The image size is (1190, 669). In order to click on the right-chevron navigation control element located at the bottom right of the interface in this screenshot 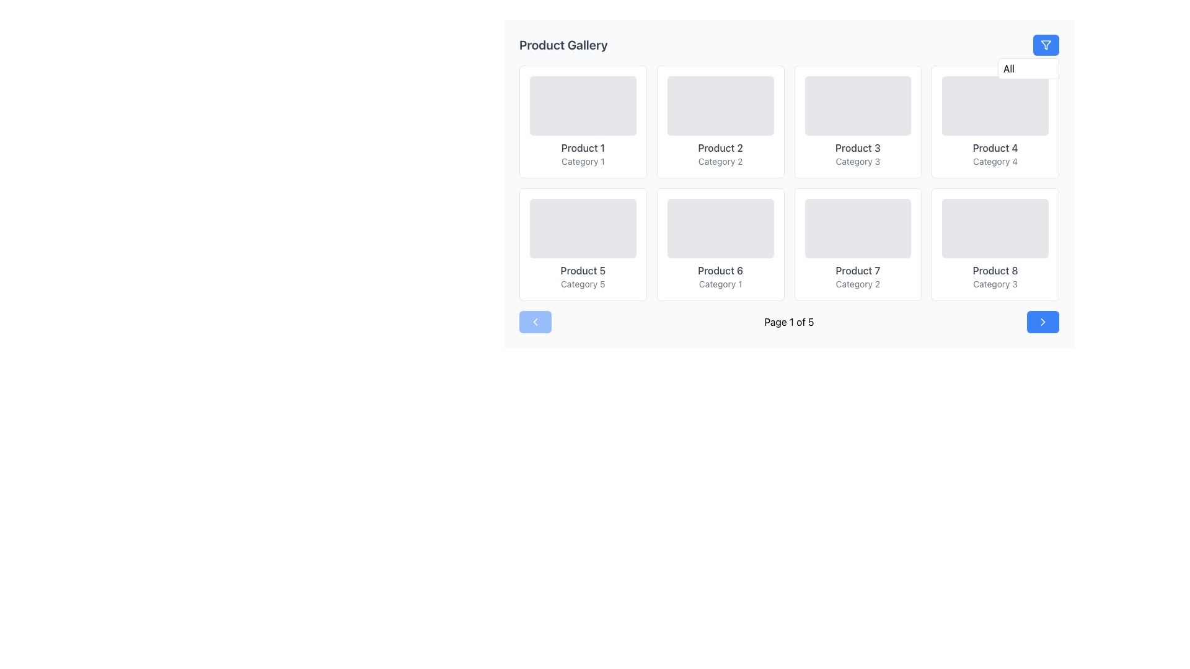, I will do `click(1042, 321)`.